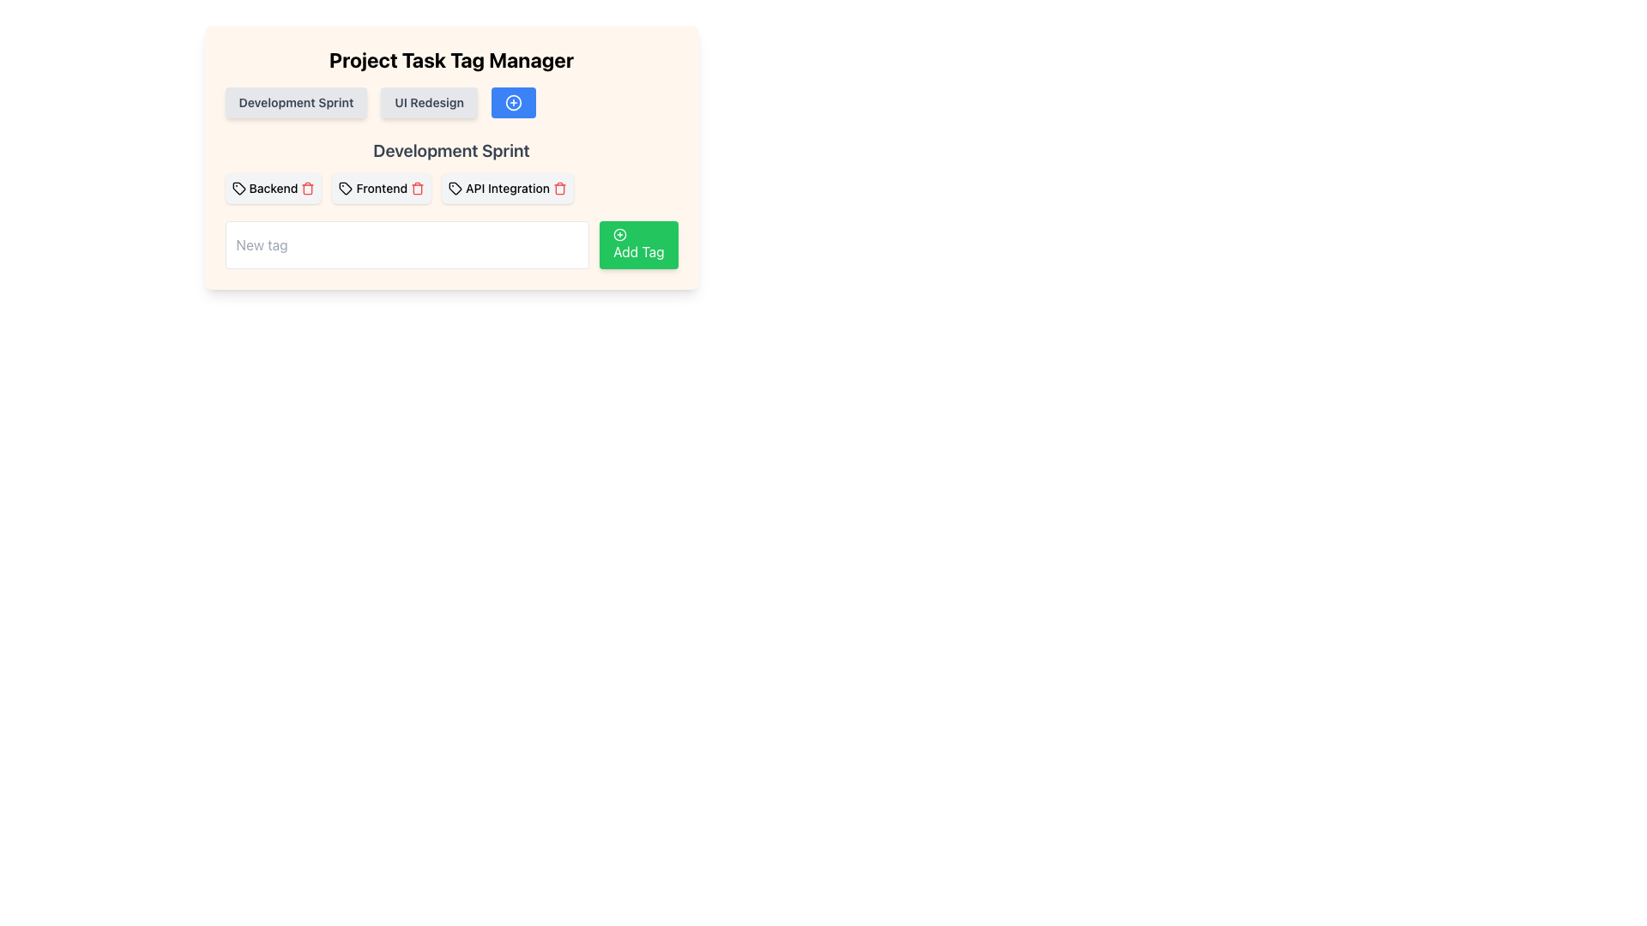 This screenshot has height=926, width=1647. Describe the element at coordinates (296, 102) in the screenshot. I see `the 'Development Sprint' button, which is a rounded rectangular button with a light gray background and darker gray text, located in the upper left area of the interface` at that location.